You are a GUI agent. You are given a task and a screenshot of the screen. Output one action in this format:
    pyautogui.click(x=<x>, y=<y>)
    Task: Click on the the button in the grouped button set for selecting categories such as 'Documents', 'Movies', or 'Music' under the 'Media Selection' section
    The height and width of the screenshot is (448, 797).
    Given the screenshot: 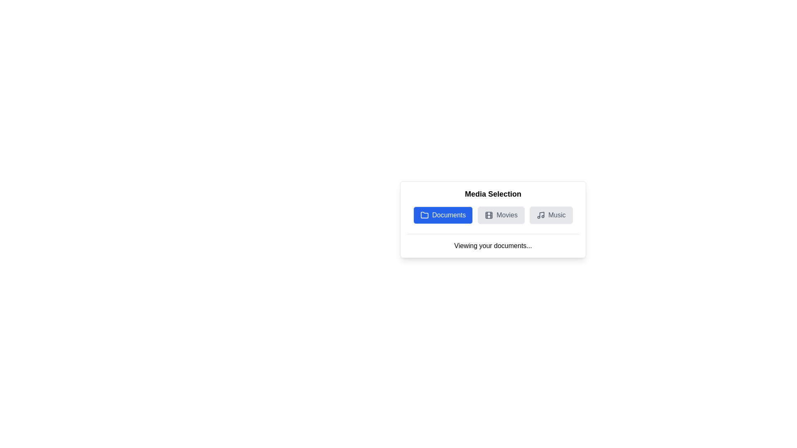 What is the action you would take?
    pyautogui.click(x=493, y=215)
    